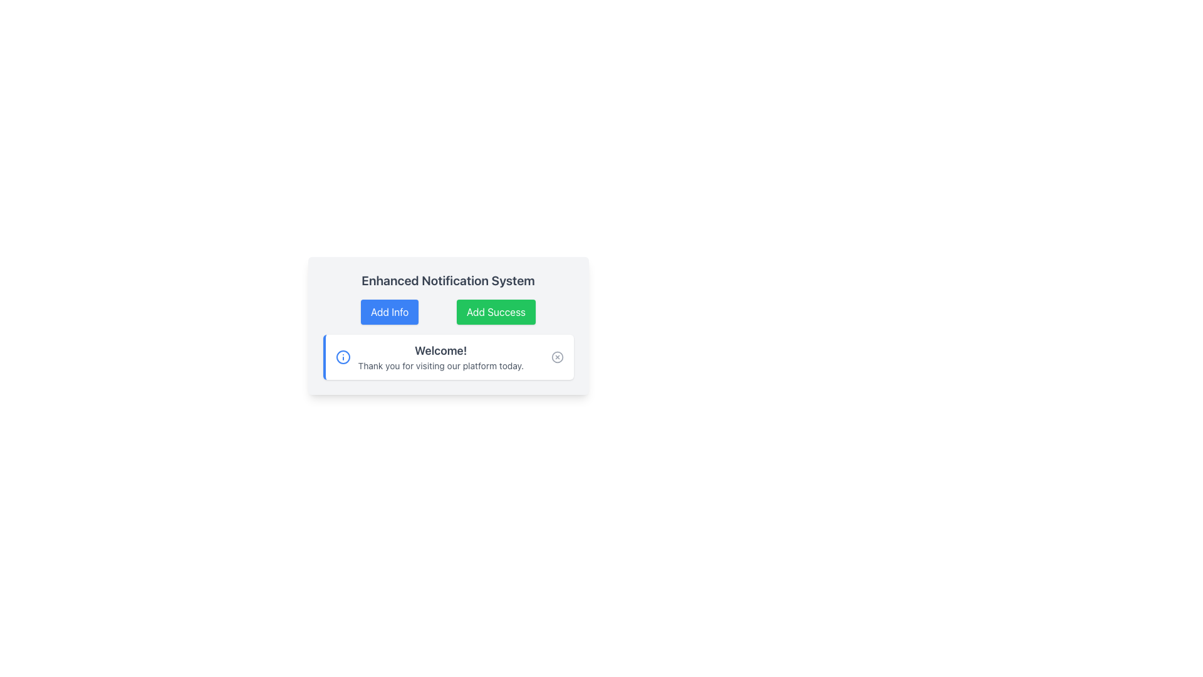 This screenshot has width=1203, height=677. What do you see at coordinates (496, 311) in the screenshot?
I see `the green button labeled 'Add Success' located to the right of the 'Add Info' button, positioned below the 'Enhanced Notification System' heading` at bounding box center [496, 311].